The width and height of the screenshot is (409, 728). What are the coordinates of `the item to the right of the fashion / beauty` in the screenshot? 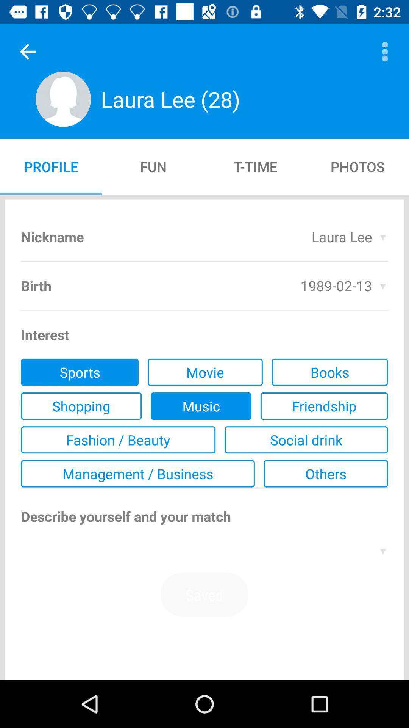 It's located at (306, 440).